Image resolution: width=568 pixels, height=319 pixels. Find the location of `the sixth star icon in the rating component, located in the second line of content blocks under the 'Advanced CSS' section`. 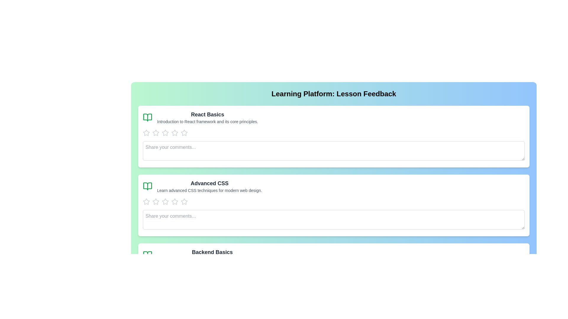

the sixth star icon in the rating component, located in the second line of content blocks under the 'Advanced CSS' section is located at coordinates (174, 201).